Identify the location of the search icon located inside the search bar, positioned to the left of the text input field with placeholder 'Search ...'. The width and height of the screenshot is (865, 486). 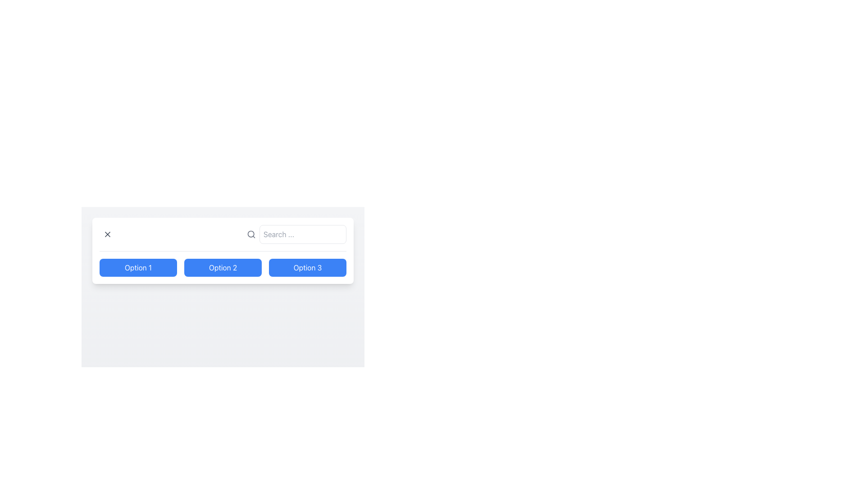
(251, 234).